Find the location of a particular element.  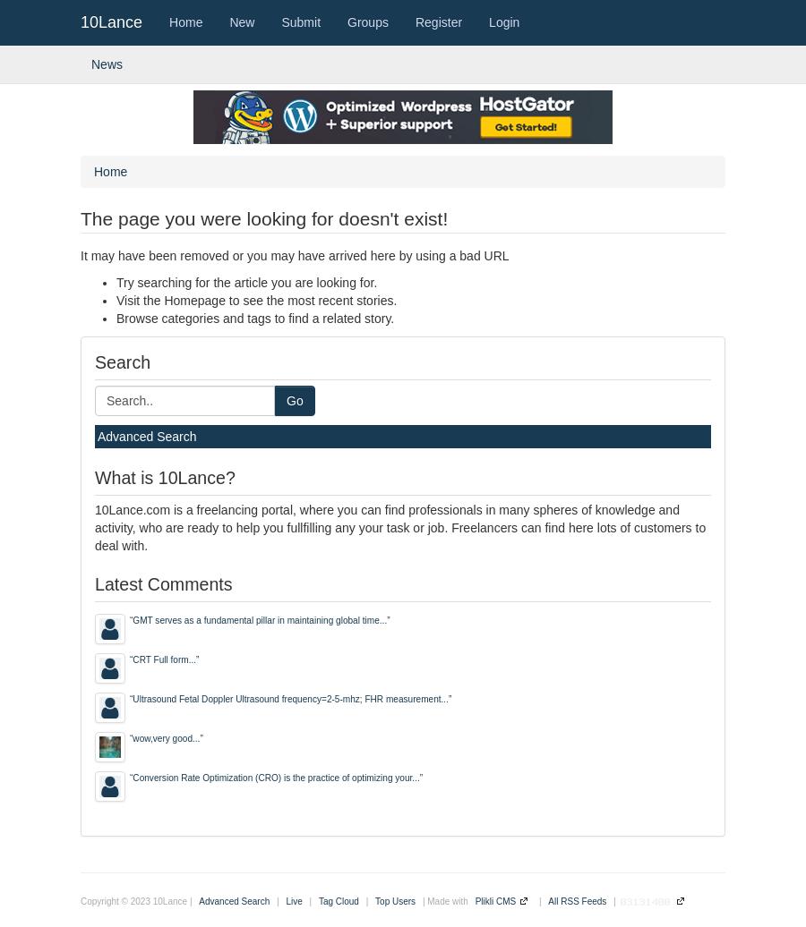

'Login' is located at coordinates (503, 21).